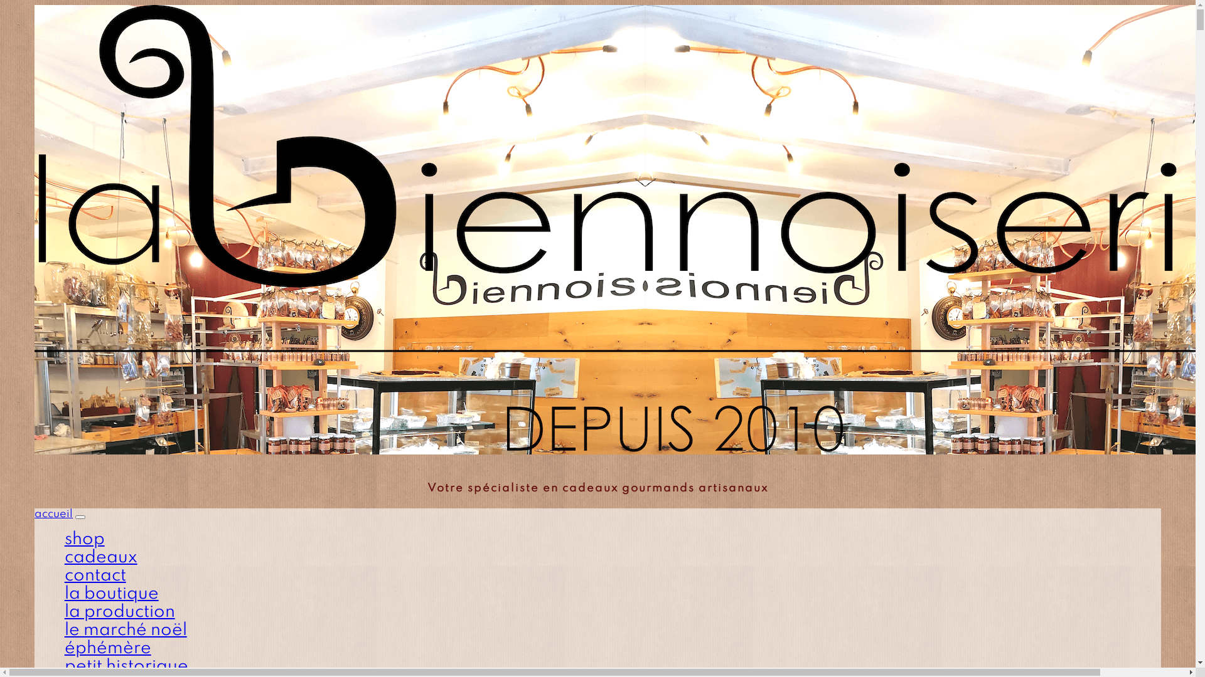 The image size is (1205, 677). Describe the element at coordinates (95, 575) in the screenshot. I see `'contact'` at that location.